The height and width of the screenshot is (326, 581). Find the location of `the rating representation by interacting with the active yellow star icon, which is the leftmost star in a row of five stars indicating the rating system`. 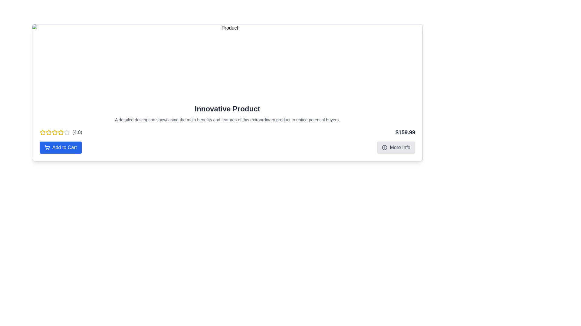

the rating representation by interacting with the active yellow star icon, which is the leftmost star in a row of five stars indicating the rating system is located at coordinates (42, 132).